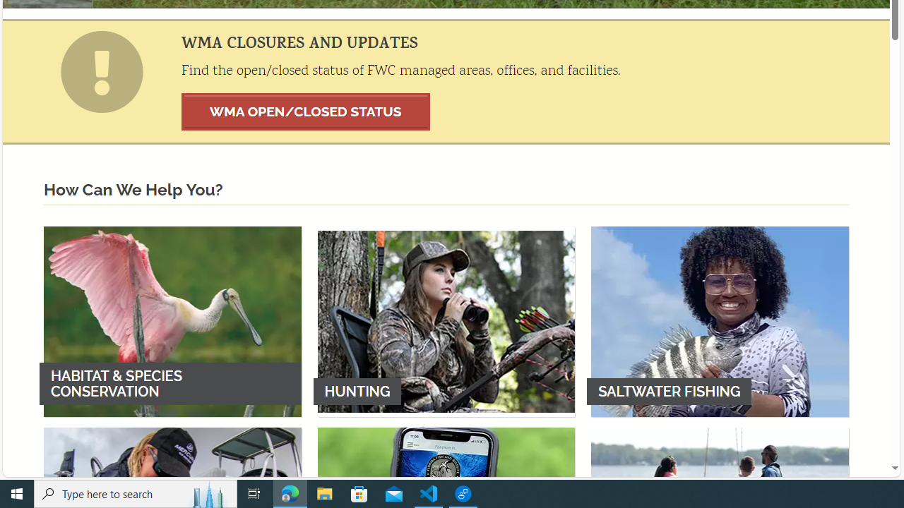 This screenshot has height=508, width=904. I want to click on 'SALTWATER FISHING', so click(720, 321).